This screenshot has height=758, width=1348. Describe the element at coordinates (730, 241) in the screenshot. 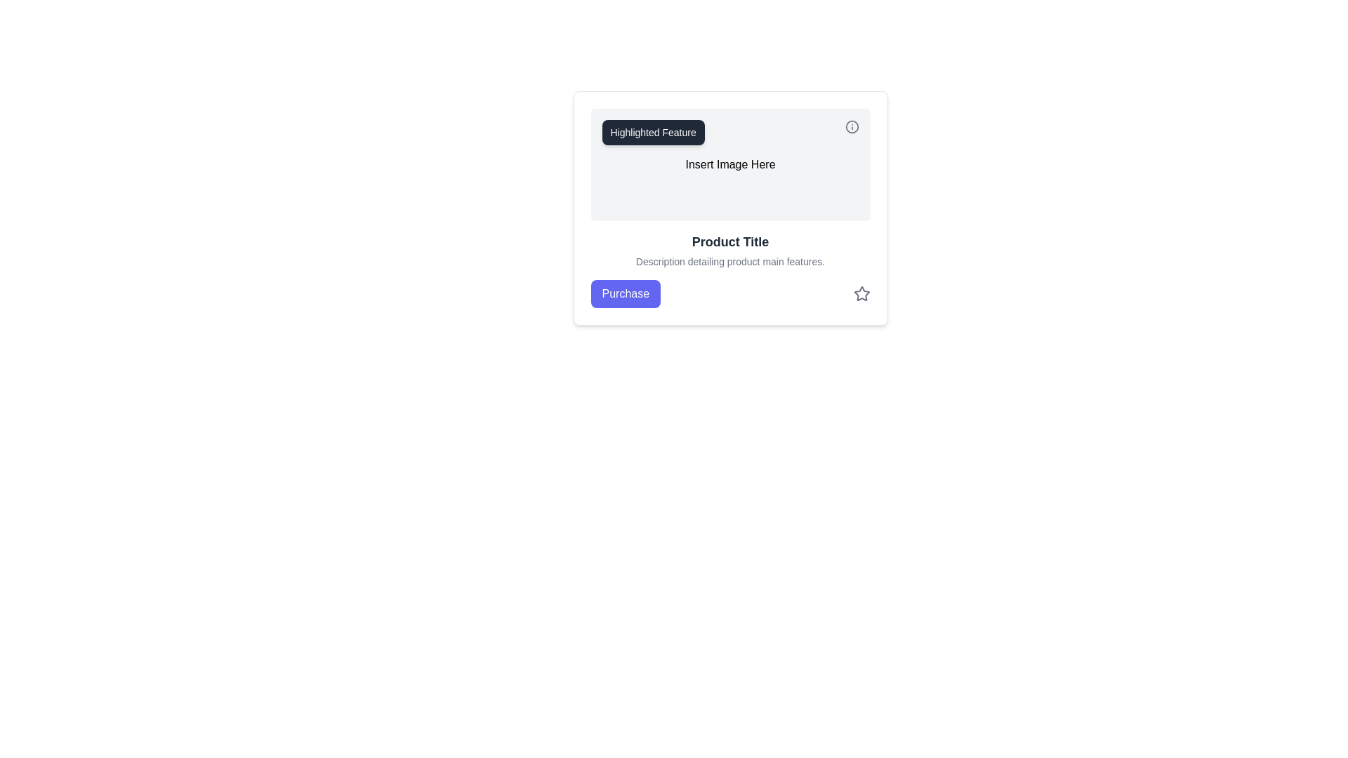

I see `the 'Product Title' text label which is prominently displayed in a bold, dark gray font, located near the top center of the card component` at that location.